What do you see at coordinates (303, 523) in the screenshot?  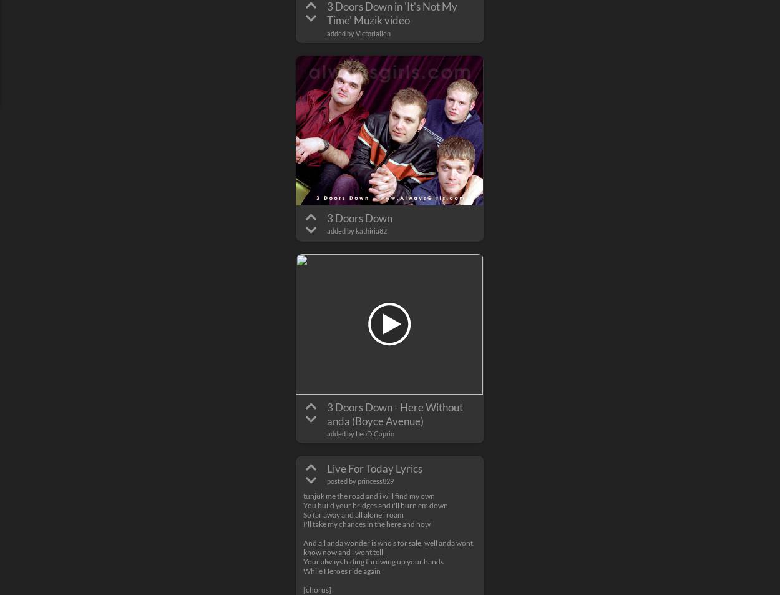 I see `'I'll take my chances in the here and now'` at bounding box center [303, 523].